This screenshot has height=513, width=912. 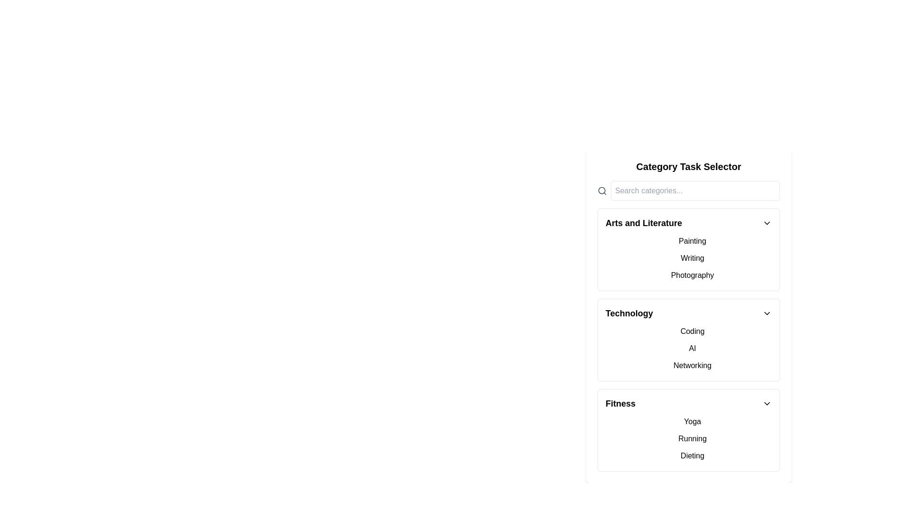 I want to click on the selectable list item labeled 'Photography', which is the third item under the 'Arts and Literature' section, so click(x=693, y=275).